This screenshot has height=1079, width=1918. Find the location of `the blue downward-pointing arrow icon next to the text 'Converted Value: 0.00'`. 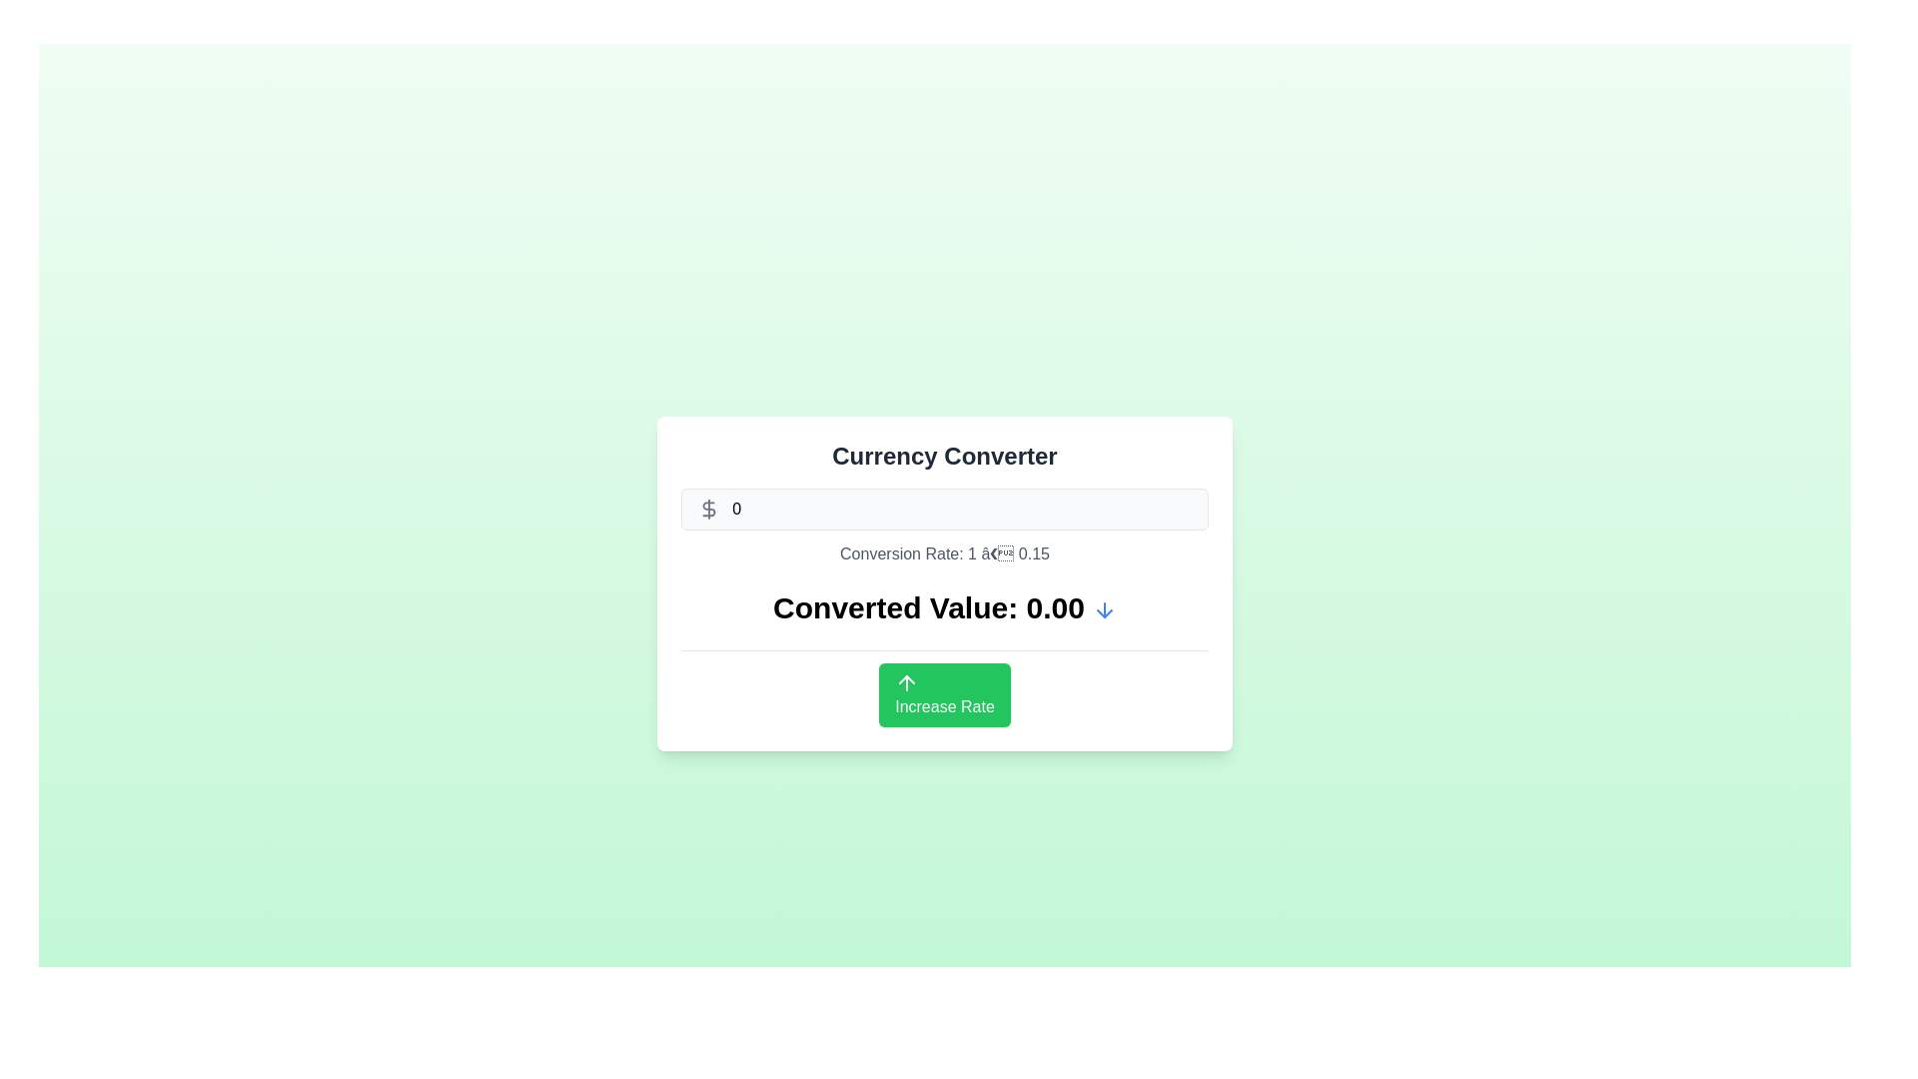

the blue downward-pointing arrow icon next to the text 'Converted Value: 0.00' is located at coordinates (1103, 608).